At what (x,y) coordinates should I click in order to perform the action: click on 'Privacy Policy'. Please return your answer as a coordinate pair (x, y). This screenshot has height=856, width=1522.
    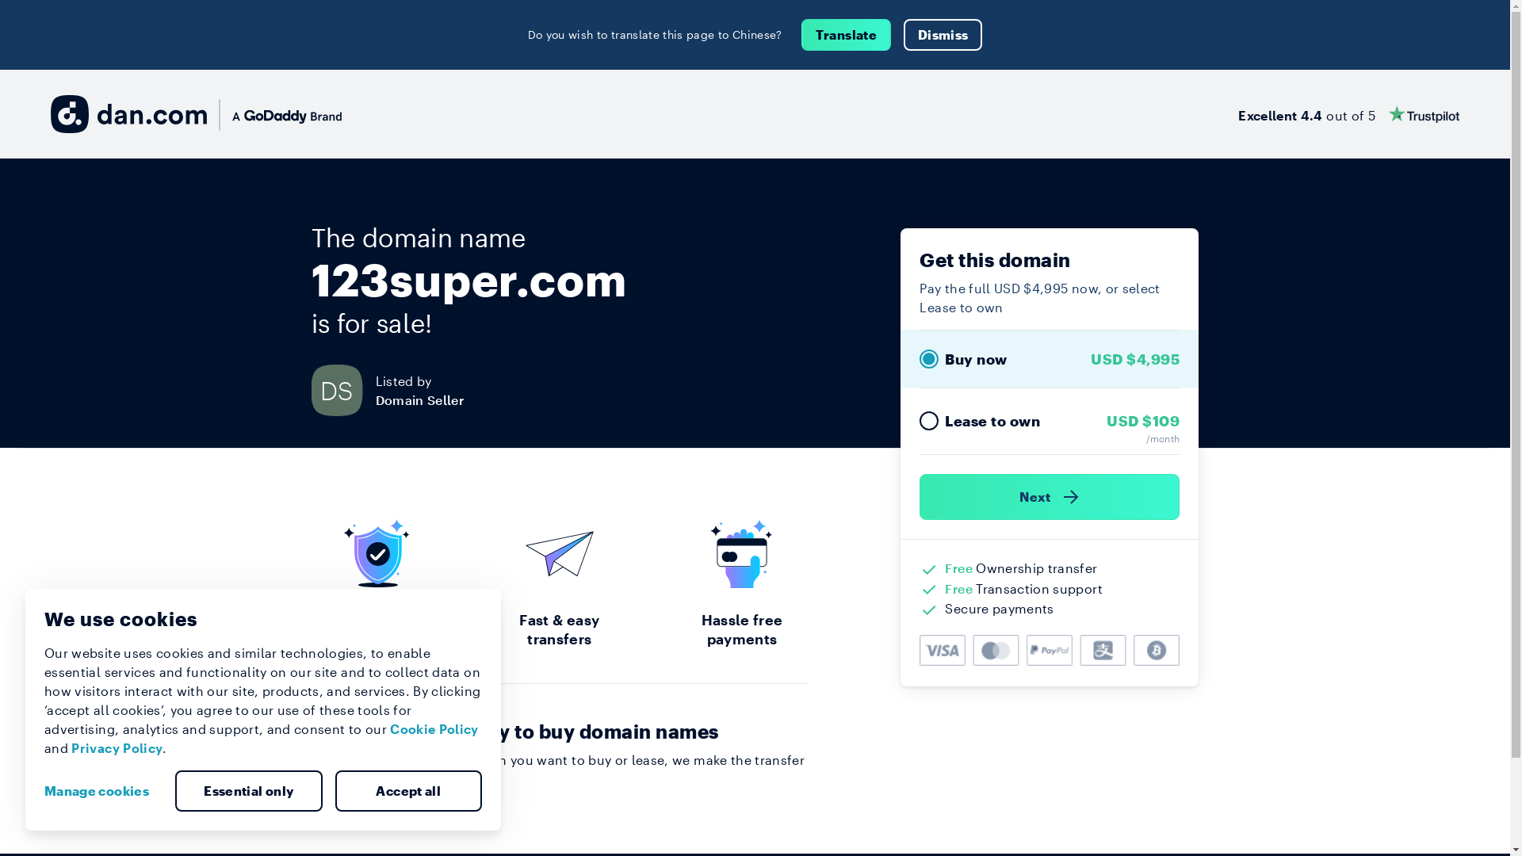
    Looking at the image, I should click on (116, 747).